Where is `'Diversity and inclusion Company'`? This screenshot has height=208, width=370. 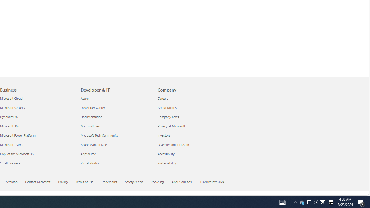 'Diversity and inclusion Company' is located at coordinates (173, 144).